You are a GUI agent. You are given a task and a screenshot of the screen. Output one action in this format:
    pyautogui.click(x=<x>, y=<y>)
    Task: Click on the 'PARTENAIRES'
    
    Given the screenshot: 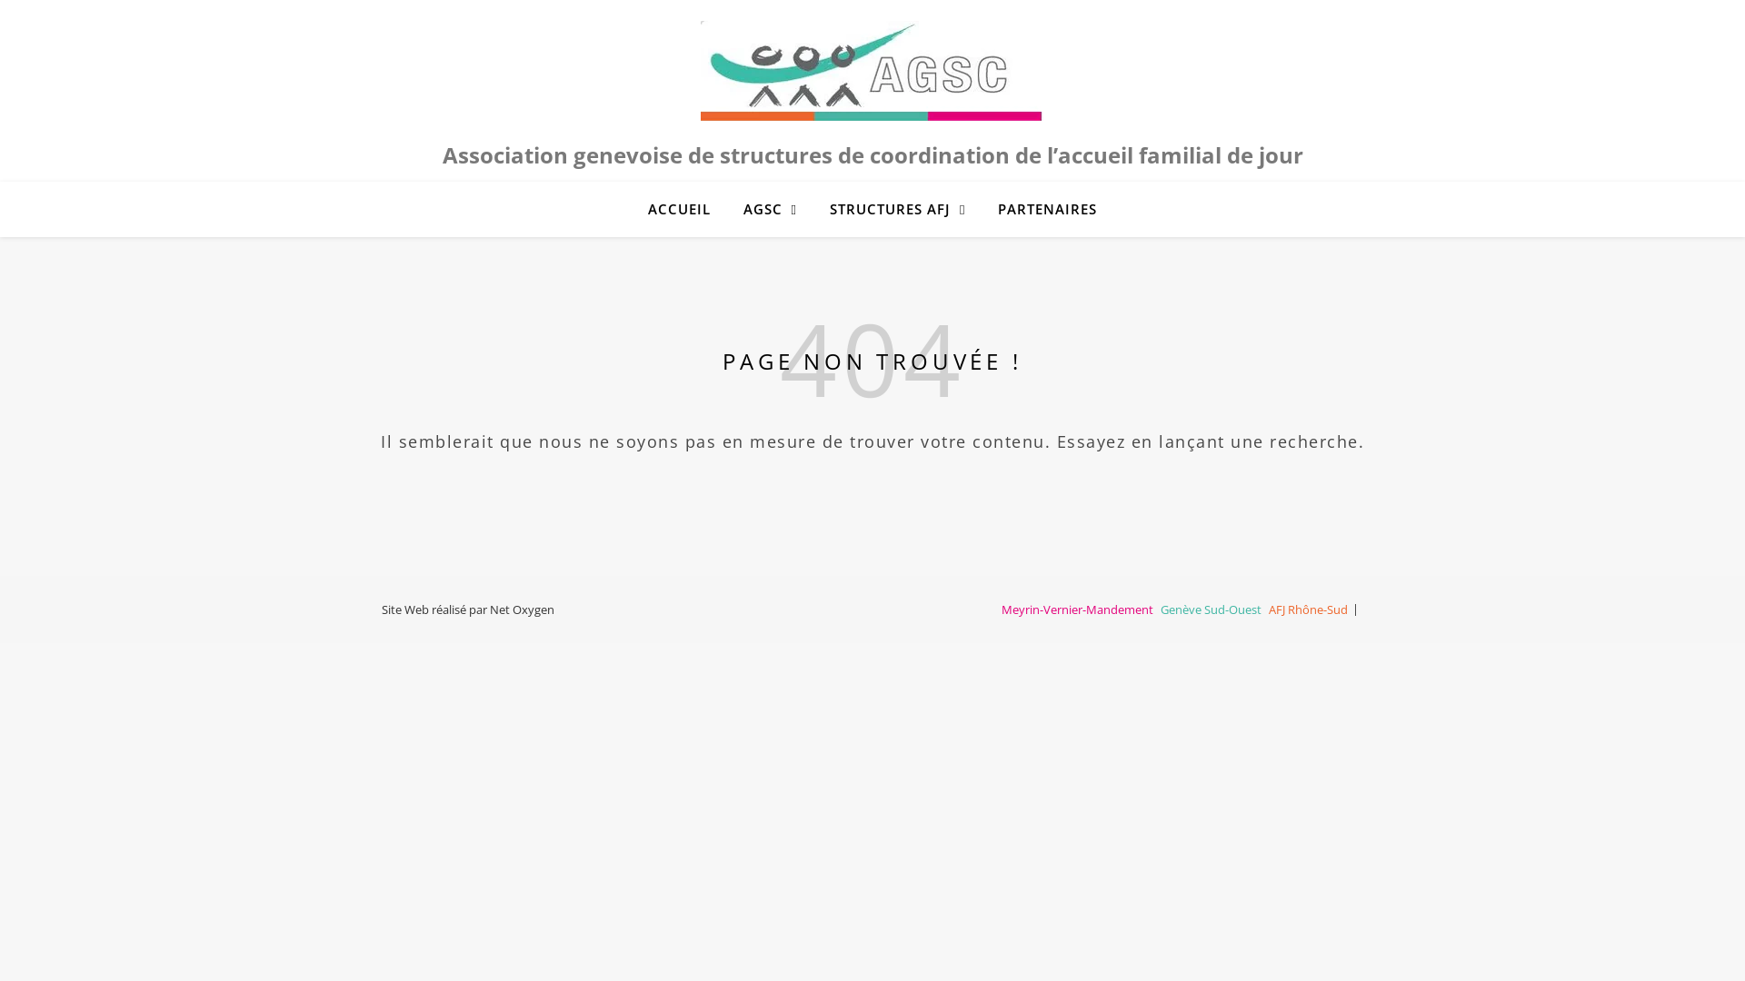 What is the action you would take?
    pyautogui.click(x=1040, y=208)
    